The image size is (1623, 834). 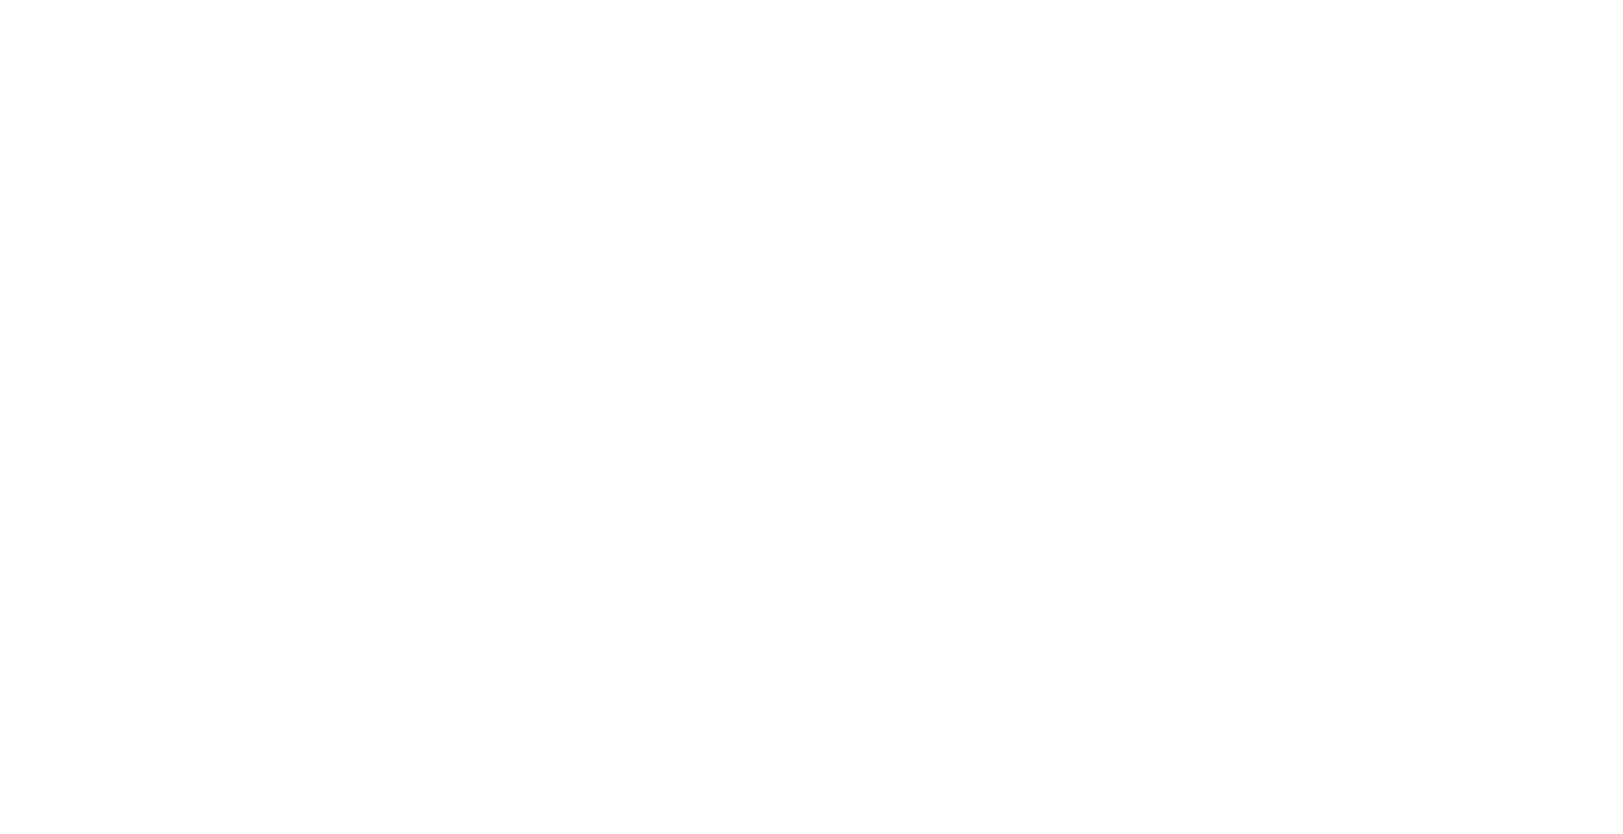 I want to click on '$45.00', so click(x=978, y=350).